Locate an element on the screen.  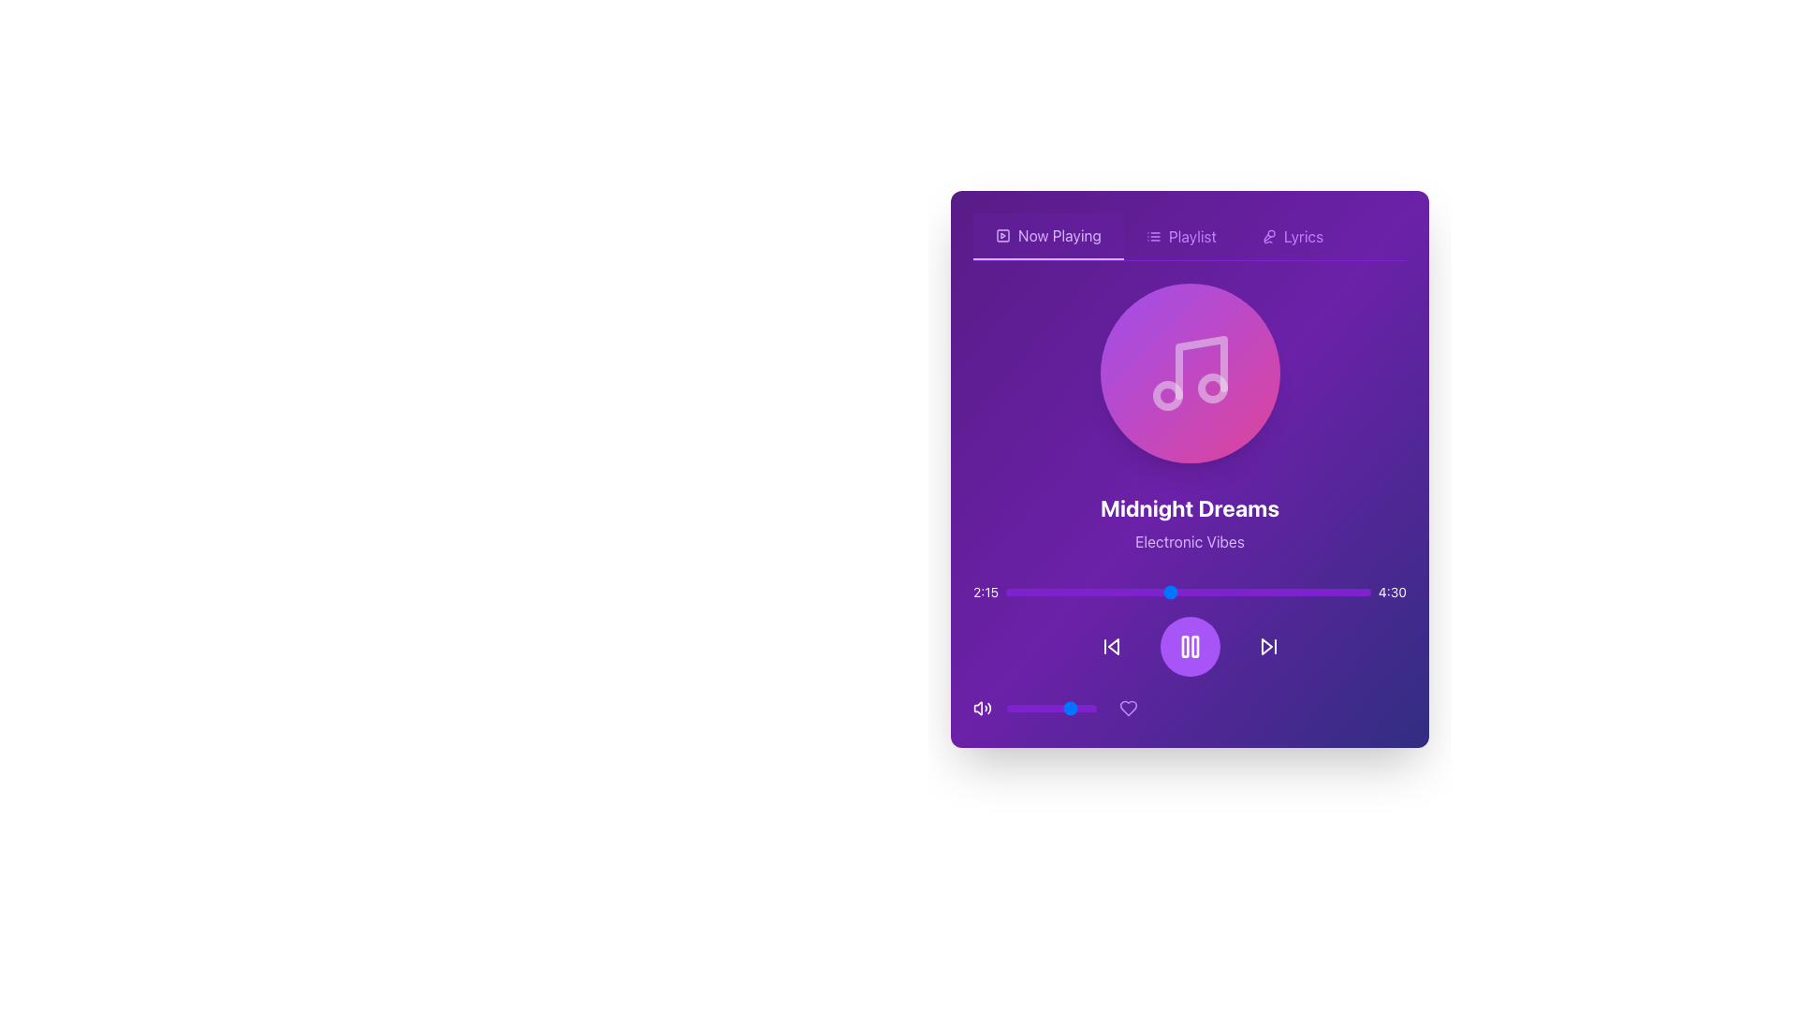
the 'Skip Forward' button, which is the last control in the row of interactive media buttons, allowing users is located at coordinates (1268, 645).